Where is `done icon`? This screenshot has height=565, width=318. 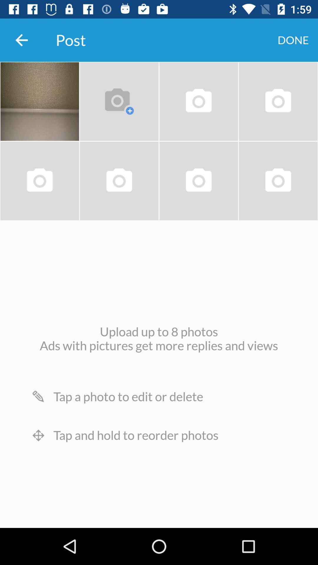 done icon is located at coordinates (293, 40).